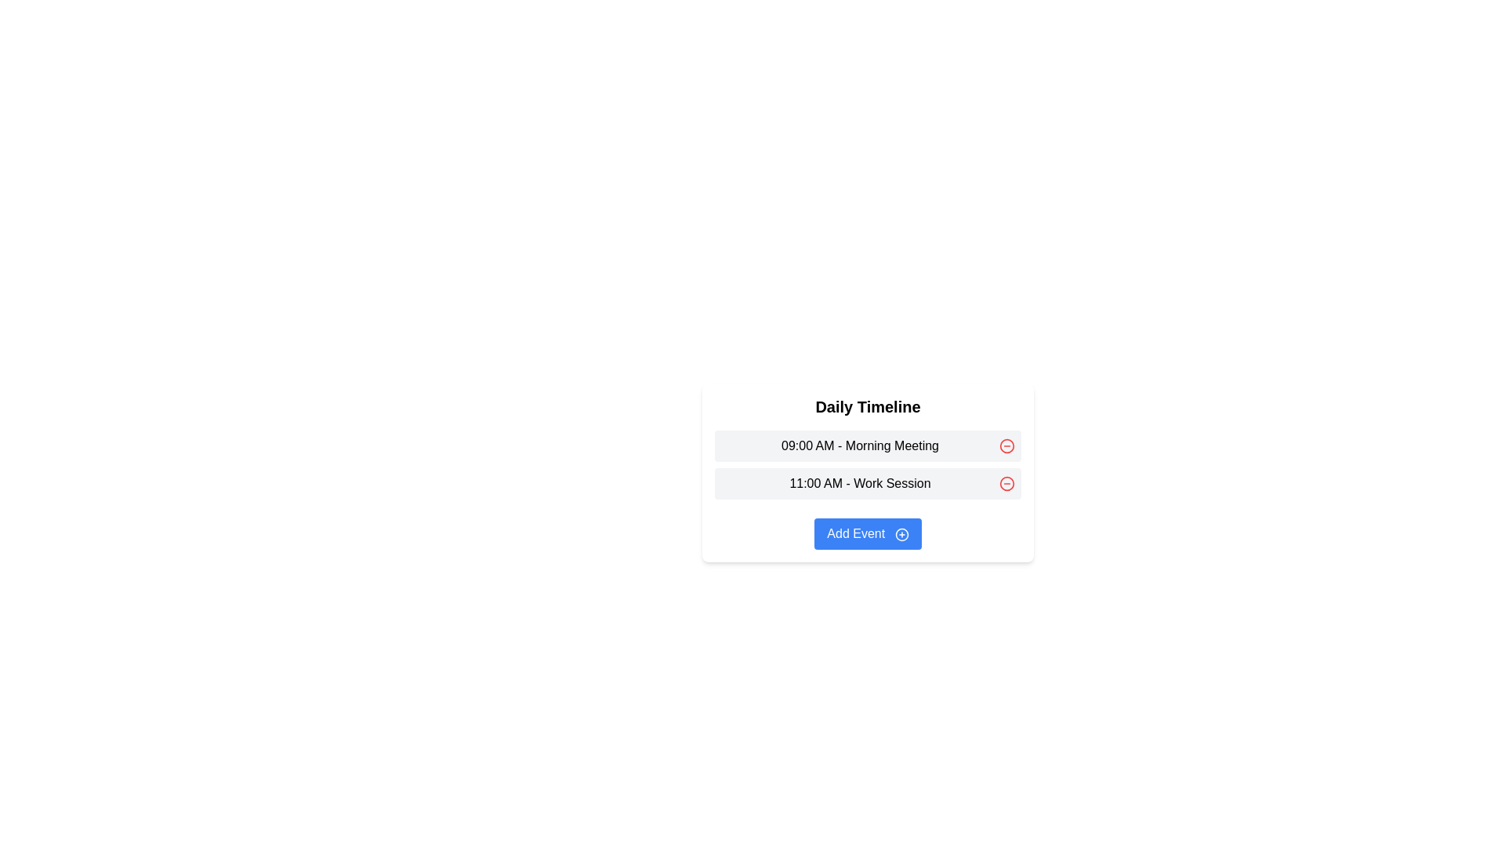 The height and width of the screenshot is (847, 1505). What do you see at coordinates (901, 533) in the screenshot?
I see `the SVG circle element located within the 'Add Event' button at the bottom of the 'Daily Timeline' card` at bounding box center [901, 533].